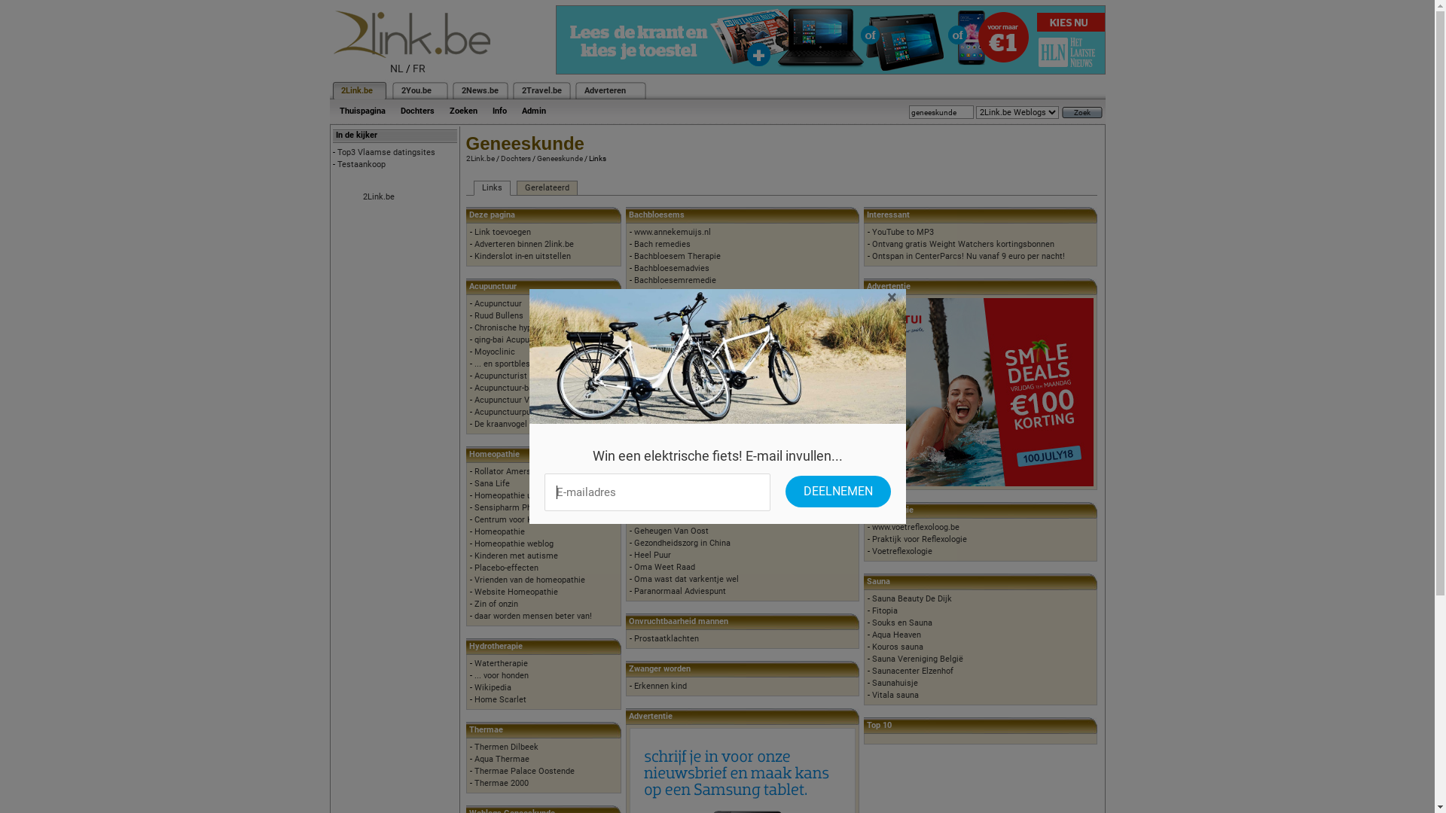  What do you see at coordinates (897, 646) in the screenshot?
I see `'Kouros sauna'` at bounding box center [897, 646].